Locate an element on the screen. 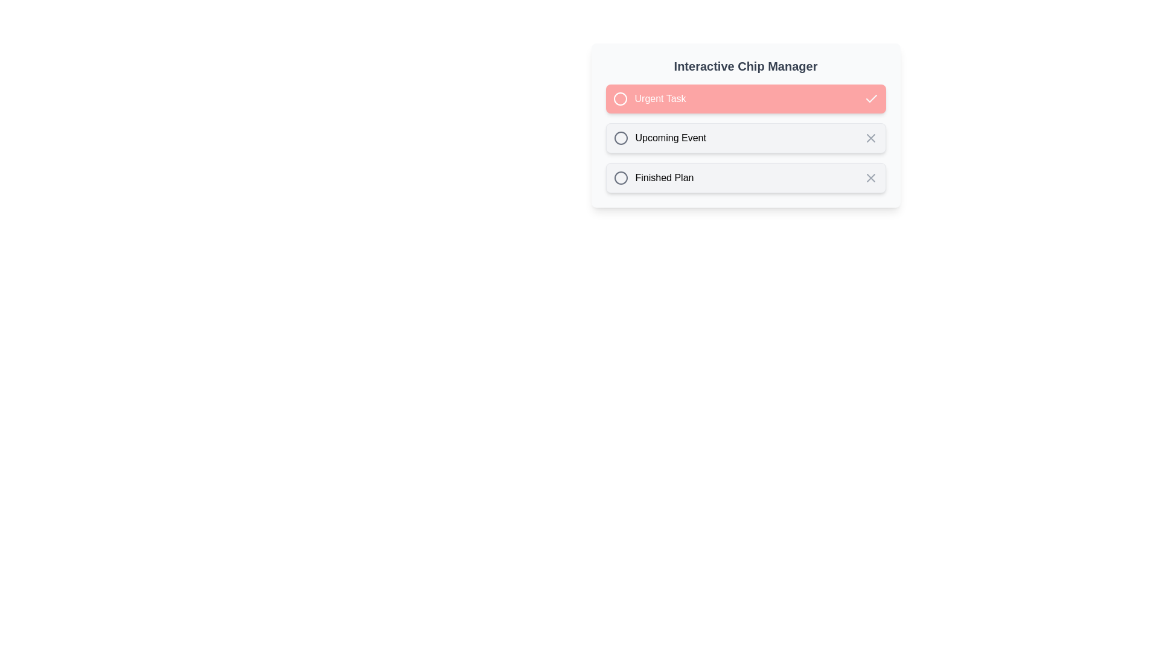 The height and width of the screenshot is (652, 1159). the chip labeled Finished Plan to toggle its selection state is located at coordinates (745, 177).